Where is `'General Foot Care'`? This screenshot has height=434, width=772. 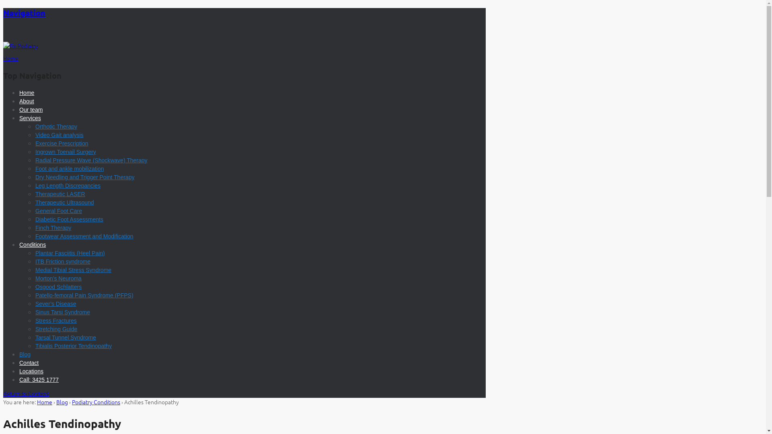 'General Foot Care' is located at coordinates (58, 210).